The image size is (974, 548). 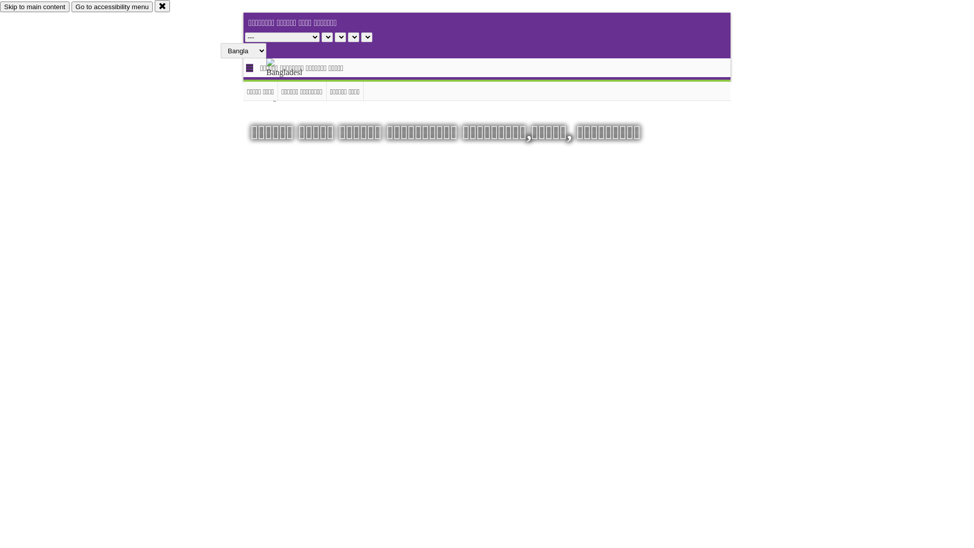 I want to click on 'close', so click(x=162, y=6).